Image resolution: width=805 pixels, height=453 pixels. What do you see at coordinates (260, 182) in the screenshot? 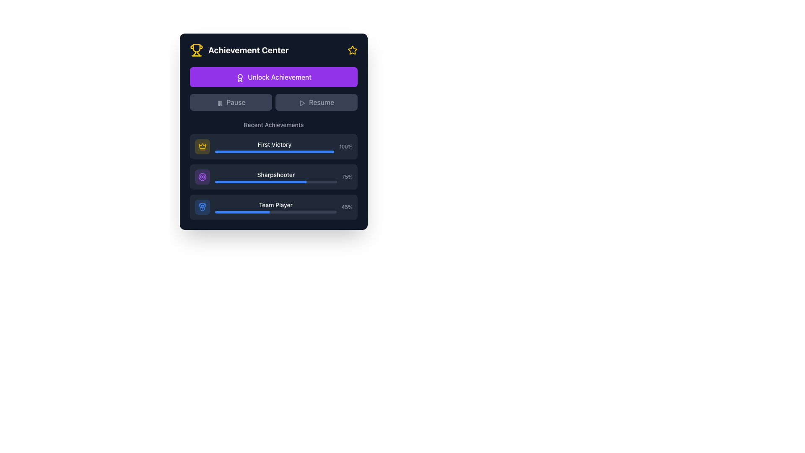
I see `the Progress indicator segment for the 'Sharpshooter' achievement in the 'Recent Achievements' section, which visually indicates 75% completion` at bounding box center [260, 182].